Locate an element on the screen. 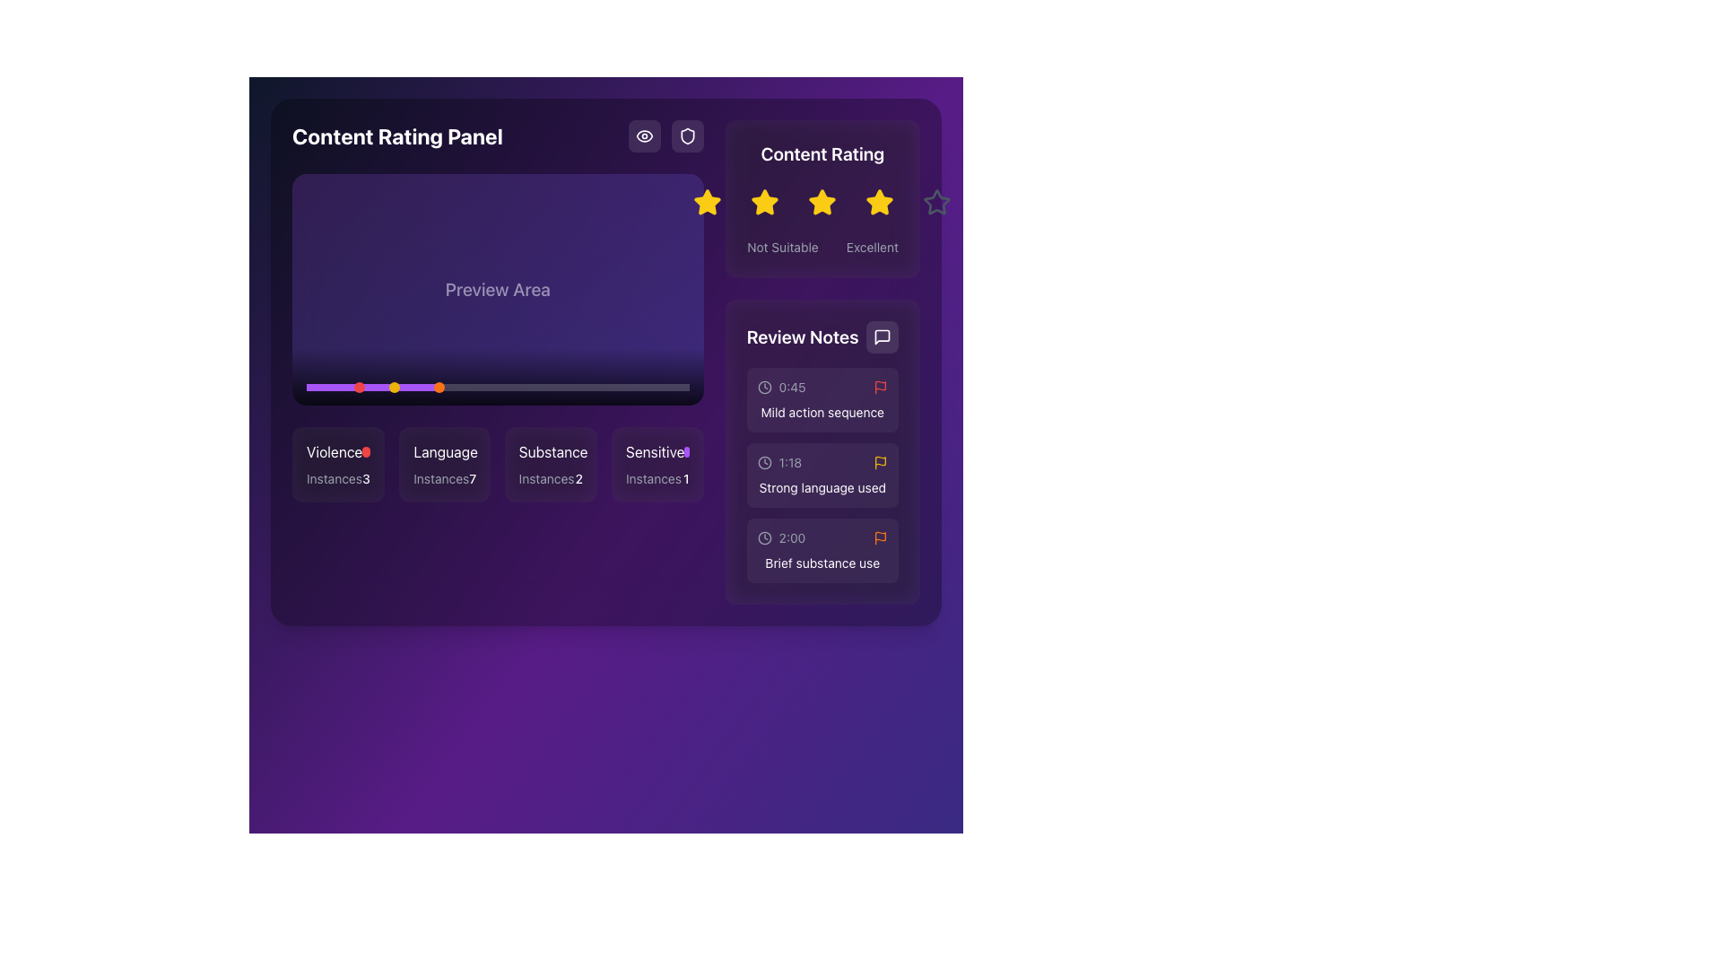 The width and height of the screenshot is (1722, 969). the text label indicating strong language in the Review Notes section, positioned between the notes 'Mild action sequence' and 'Brief substance use', and aligned to the right of the timestamp '1:18' is located at coordinates (822, 487).